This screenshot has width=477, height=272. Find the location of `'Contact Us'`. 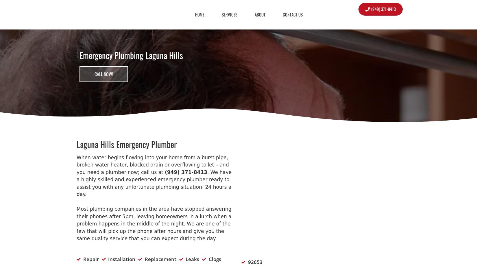

'Contact Us' is located at coordinates (282, 14).